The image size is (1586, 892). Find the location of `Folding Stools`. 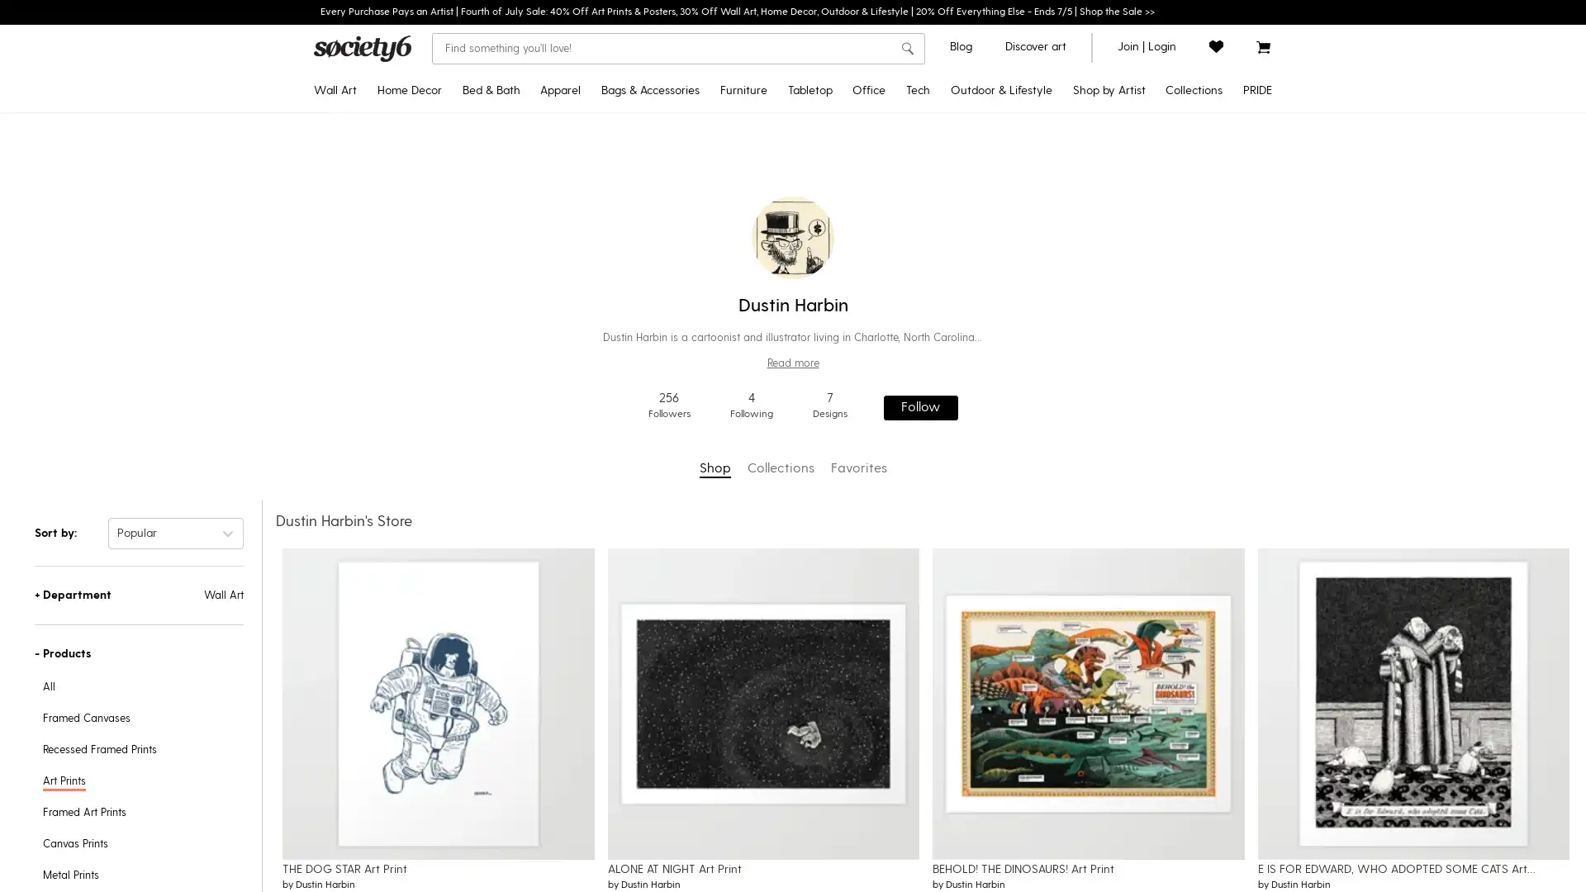

Folding Stools is located at coordinates (1023, 452).